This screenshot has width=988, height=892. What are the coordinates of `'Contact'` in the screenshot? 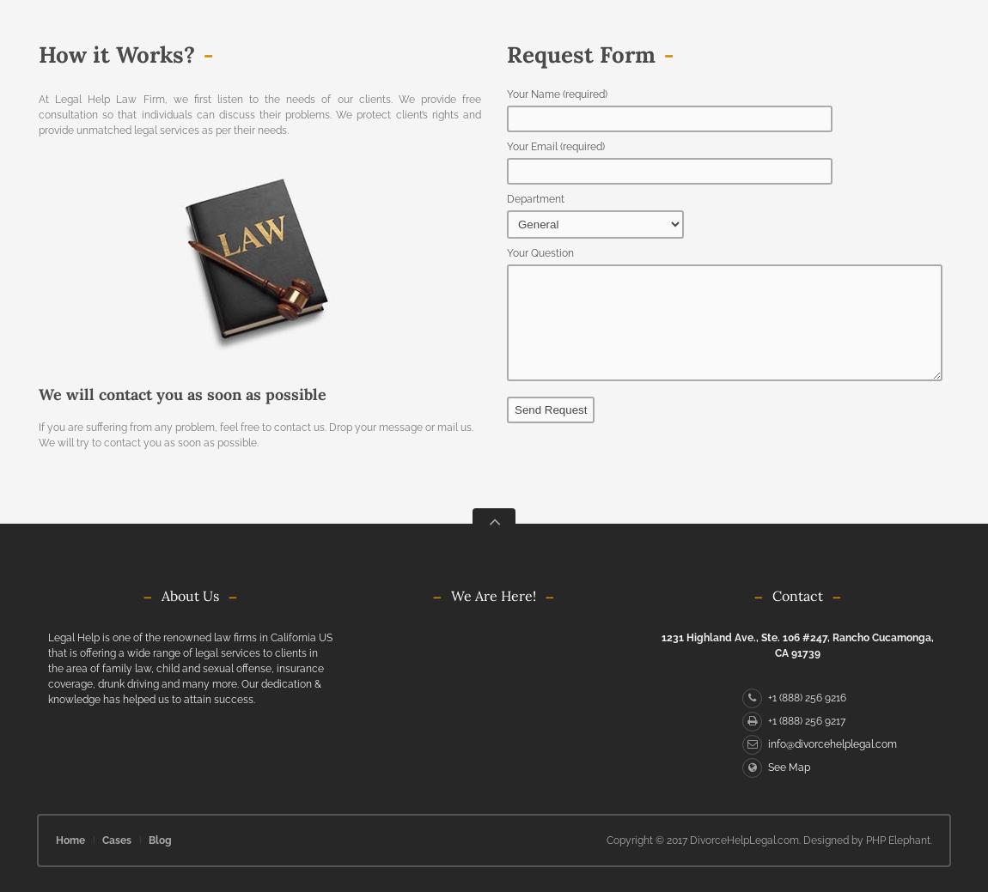 It's located at (796, 594).